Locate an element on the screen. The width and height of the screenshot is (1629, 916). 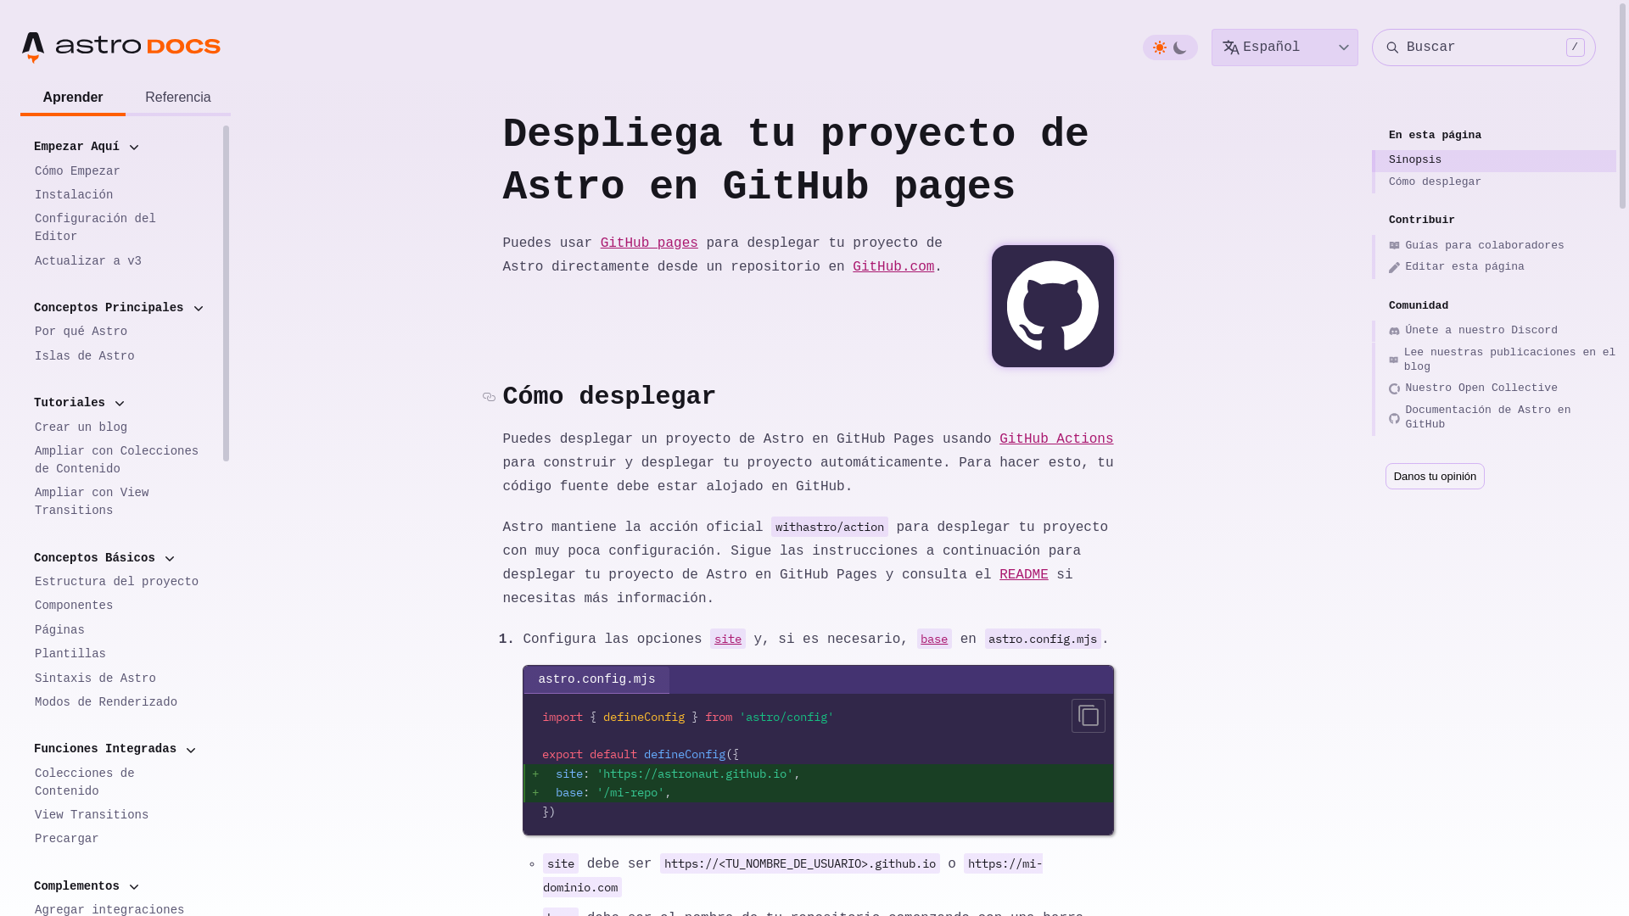
'Lee nuestras publicaciones en el blog' is located at coordinates (1494, 360).